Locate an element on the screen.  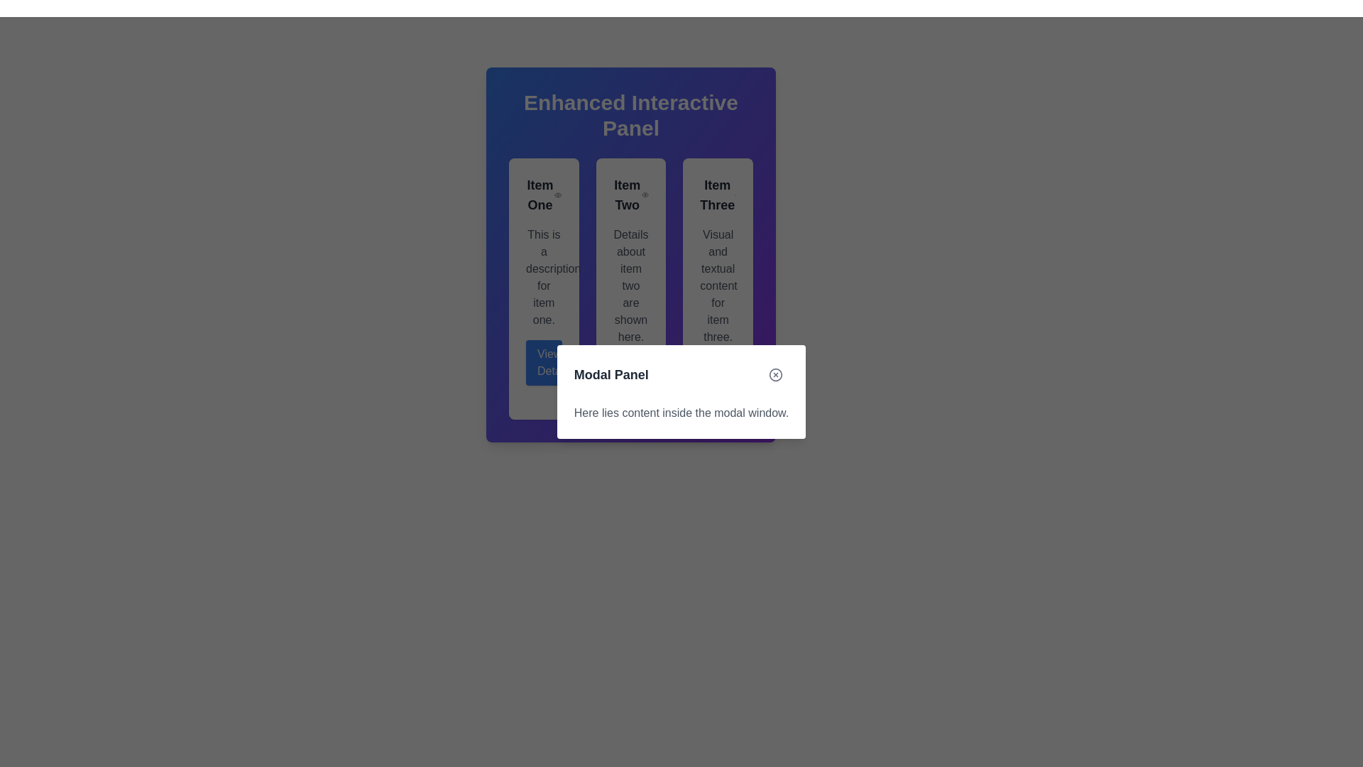
the text label that serves as a title or heading for the details presented in the panel, located in the second vertical column of the interactive card layout is located at coordinates (626, 195).